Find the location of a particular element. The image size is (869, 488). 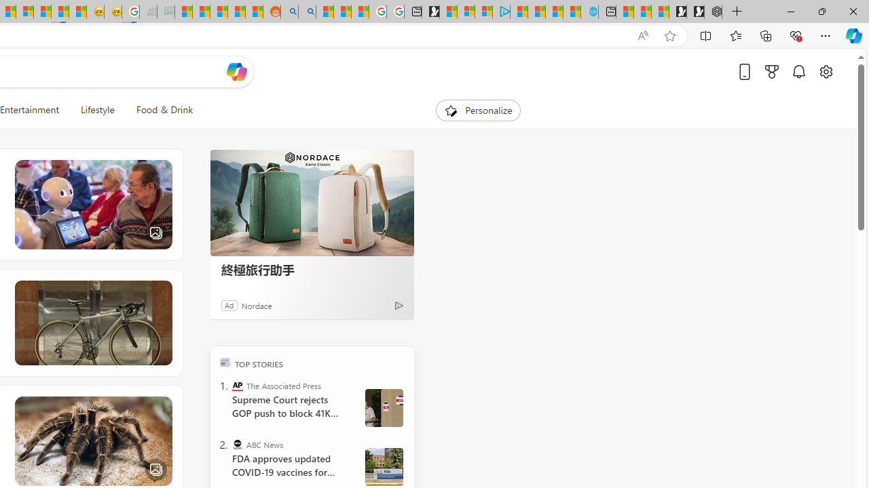

'Bike Gurus' is located at coordinates (92, 323).